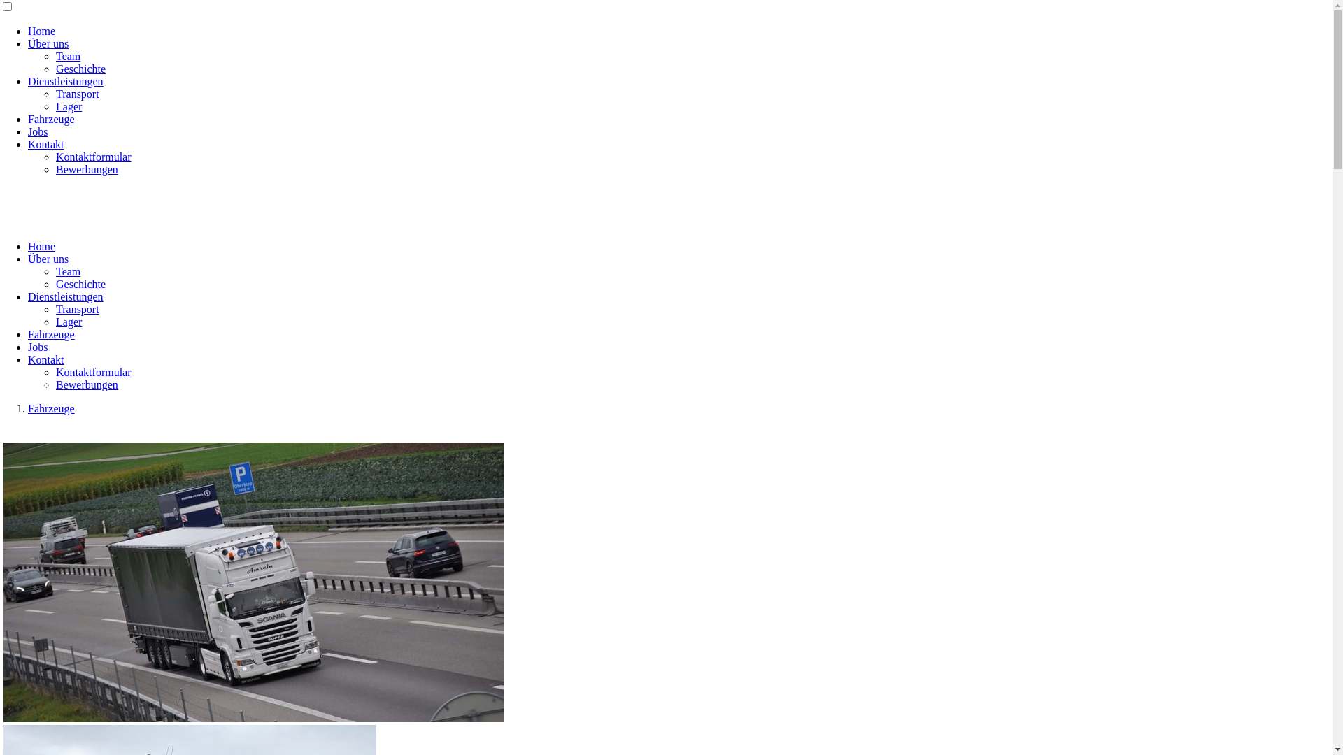 The width and height of the screenshot is (1343, 755). I want to click on 'Fahrzeuge', so click(51, 334).